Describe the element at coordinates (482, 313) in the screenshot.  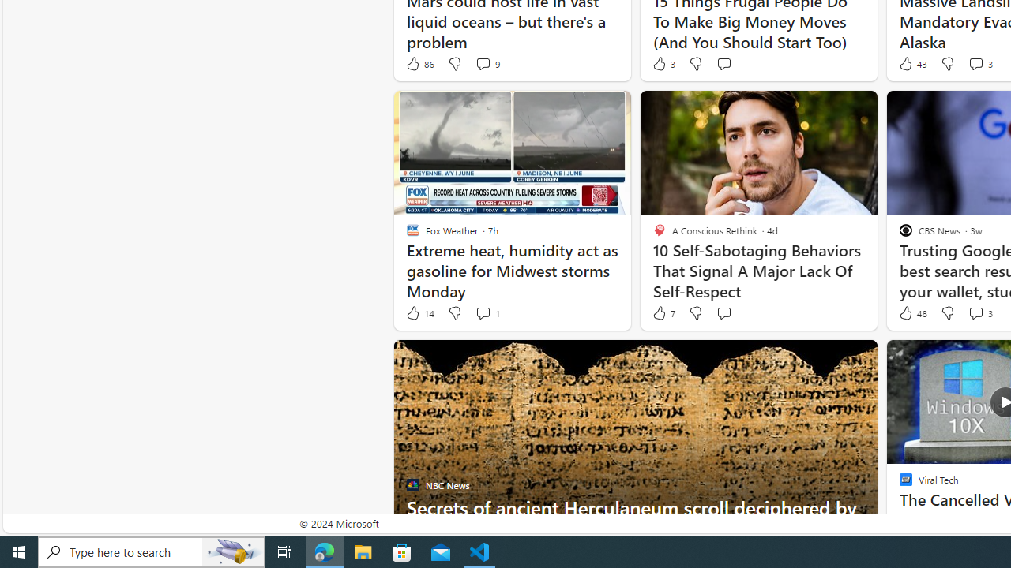
I see `'View comments 1 Comment'` at that location.